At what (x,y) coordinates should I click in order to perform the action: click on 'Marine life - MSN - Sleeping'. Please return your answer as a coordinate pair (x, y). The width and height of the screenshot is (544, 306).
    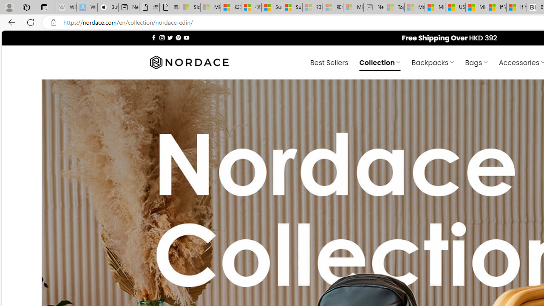
    Looking at the image, I should click on (415, 7).